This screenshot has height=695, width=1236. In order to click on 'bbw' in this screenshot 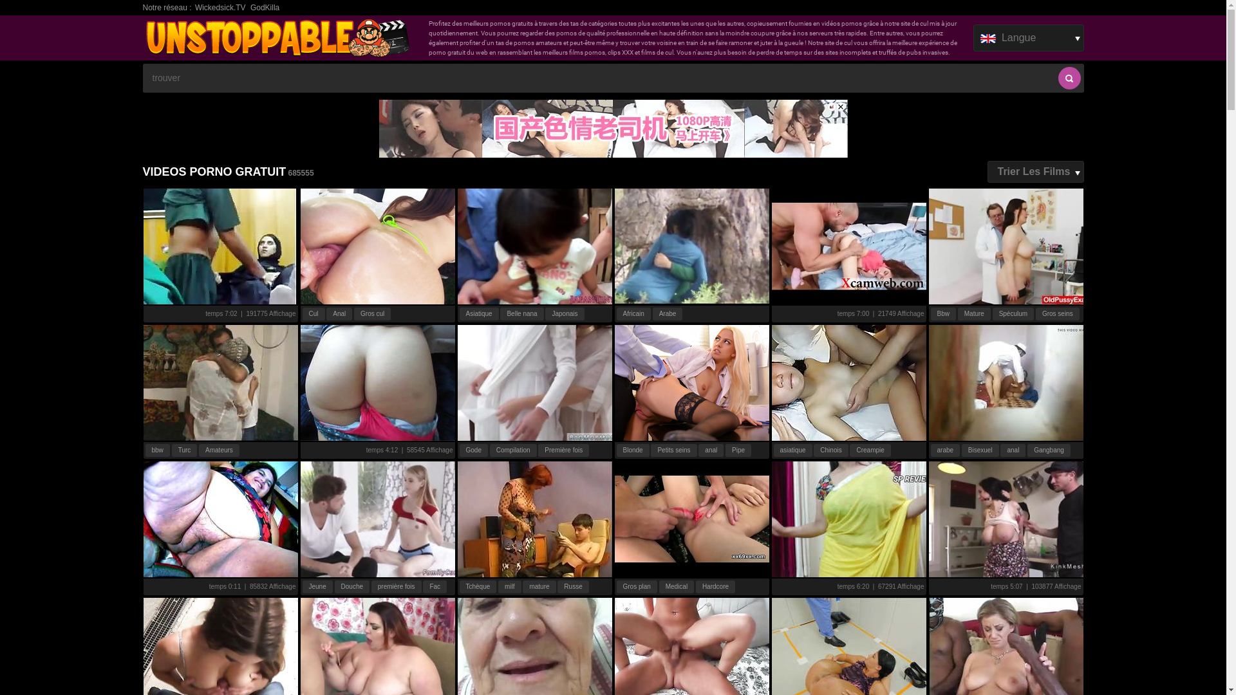, I will do `click(156, 449)`.